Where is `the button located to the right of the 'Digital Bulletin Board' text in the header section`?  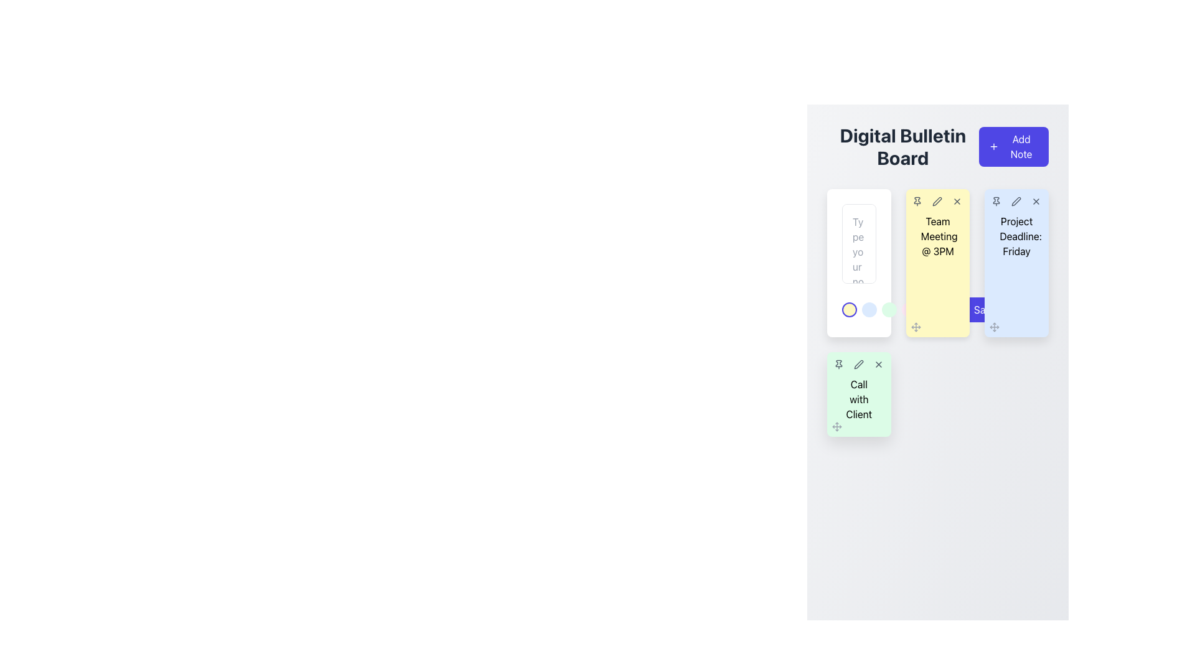 the button located to the right of the 'Digital Bulletin Board' text in the header section is located at coordinates (1013, 146).